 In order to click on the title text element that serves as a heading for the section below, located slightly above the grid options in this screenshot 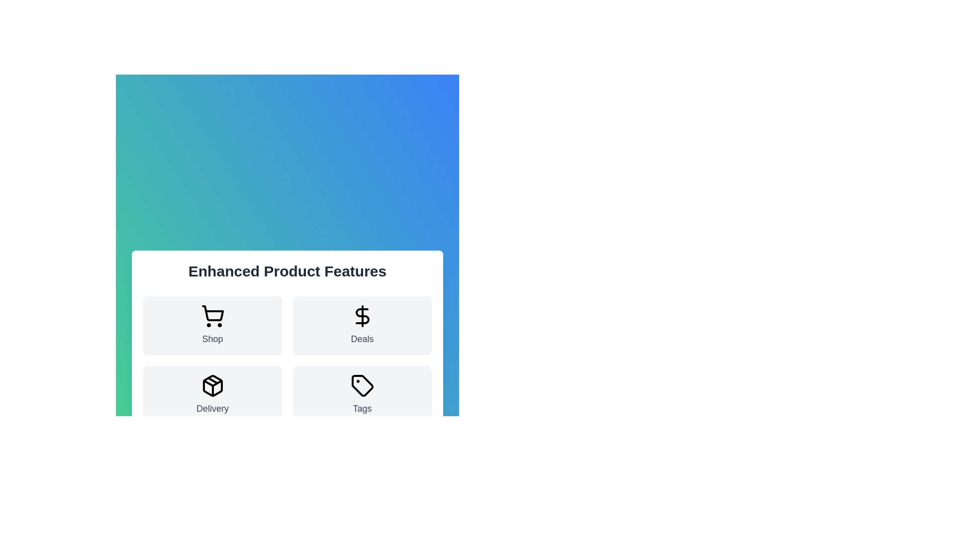, I will do `click(286, 271)`.